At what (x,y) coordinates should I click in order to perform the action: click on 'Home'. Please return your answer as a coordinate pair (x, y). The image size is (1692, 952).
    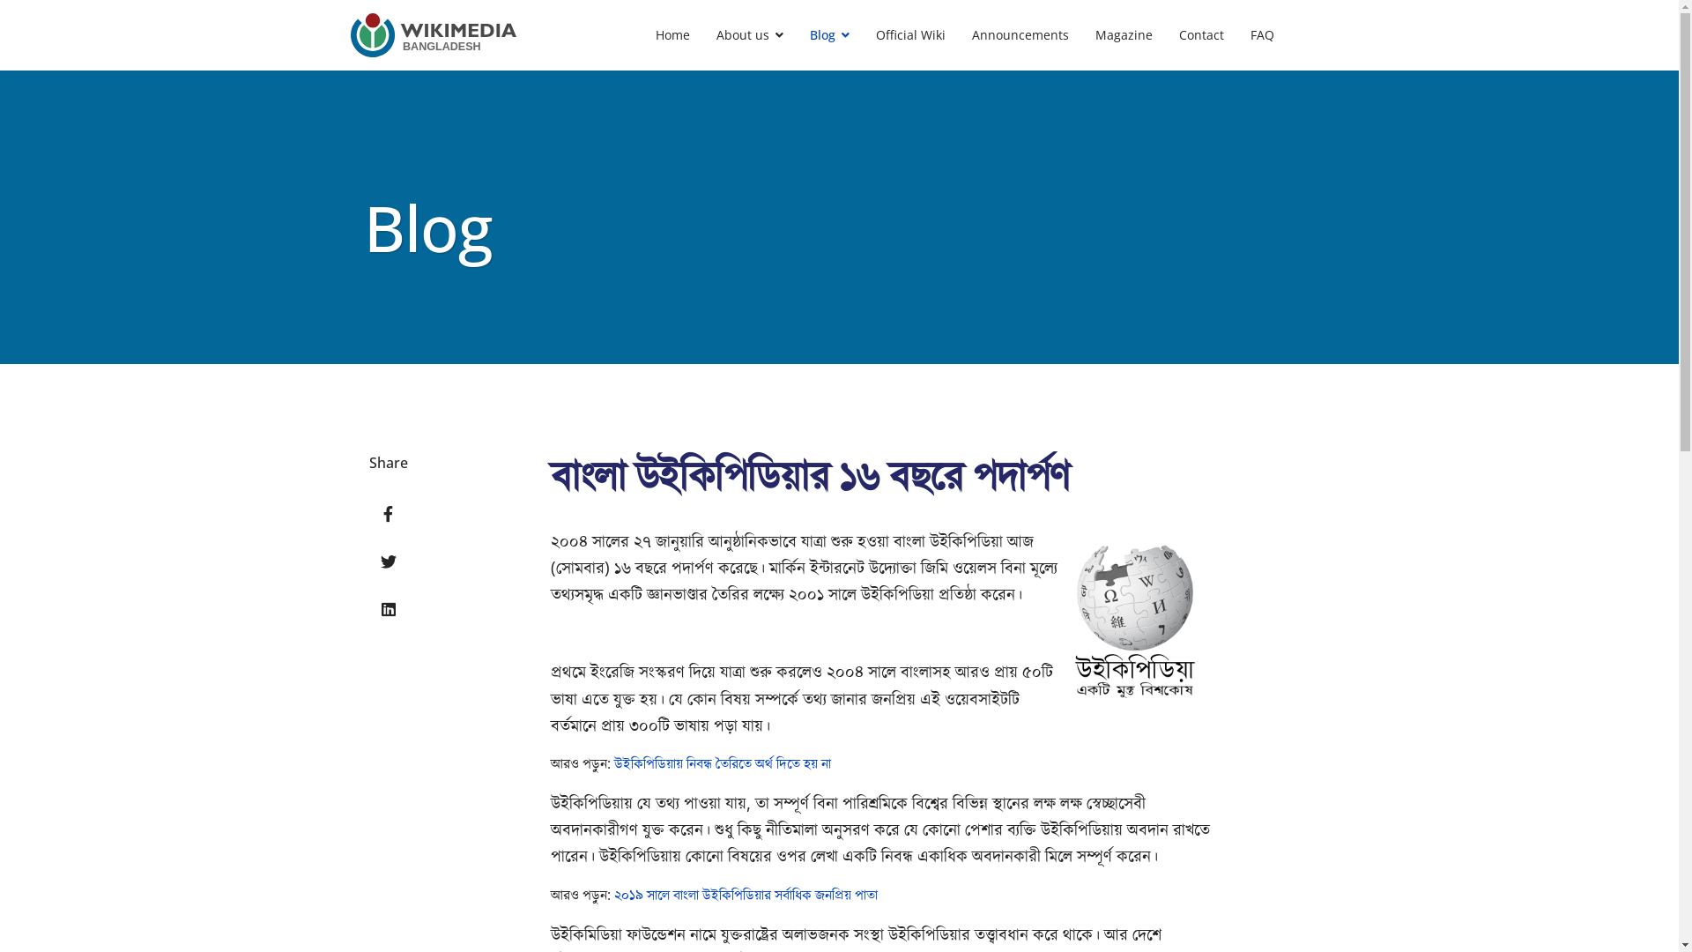
    Looking at the image, I should click on (672, 34).